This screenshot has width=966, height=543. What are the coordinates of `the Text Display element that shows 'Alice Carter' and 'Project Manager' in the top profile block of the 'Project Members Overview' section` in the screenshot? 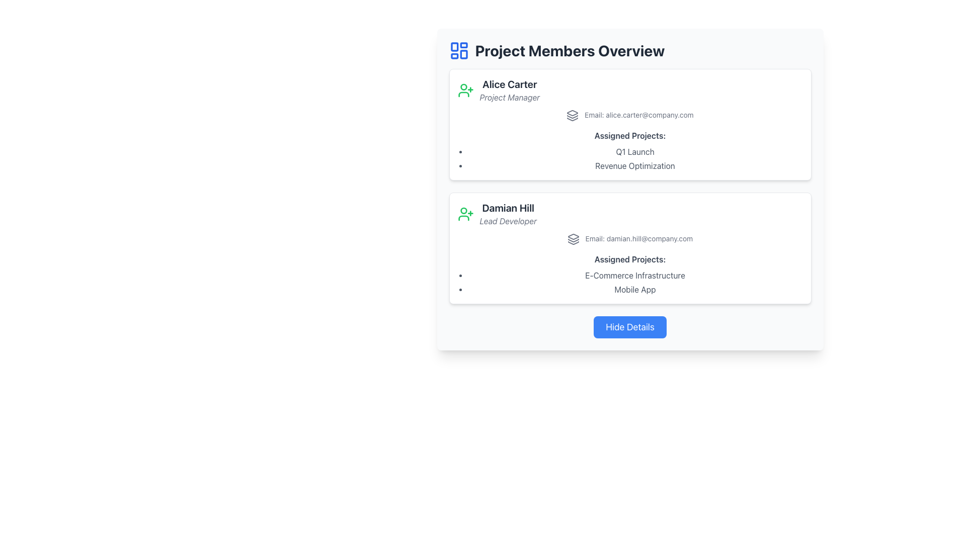 It's located at (510, 90).